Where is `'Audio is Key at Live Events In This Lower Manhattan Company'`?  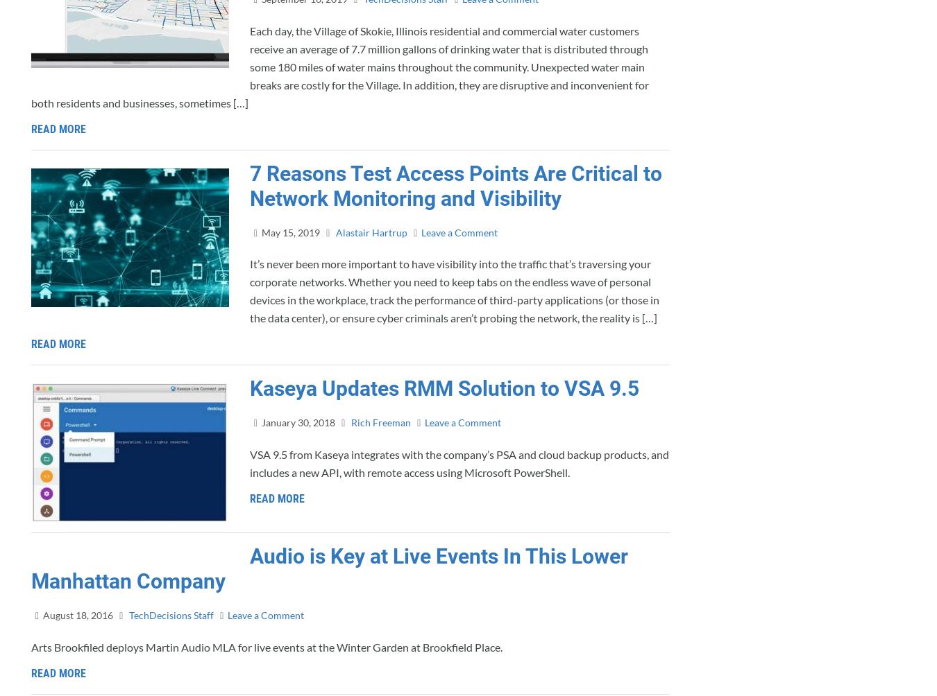
'Audio is Key at Live Events In This Lower Manhattan Company' is located at coordinates (329, 568).